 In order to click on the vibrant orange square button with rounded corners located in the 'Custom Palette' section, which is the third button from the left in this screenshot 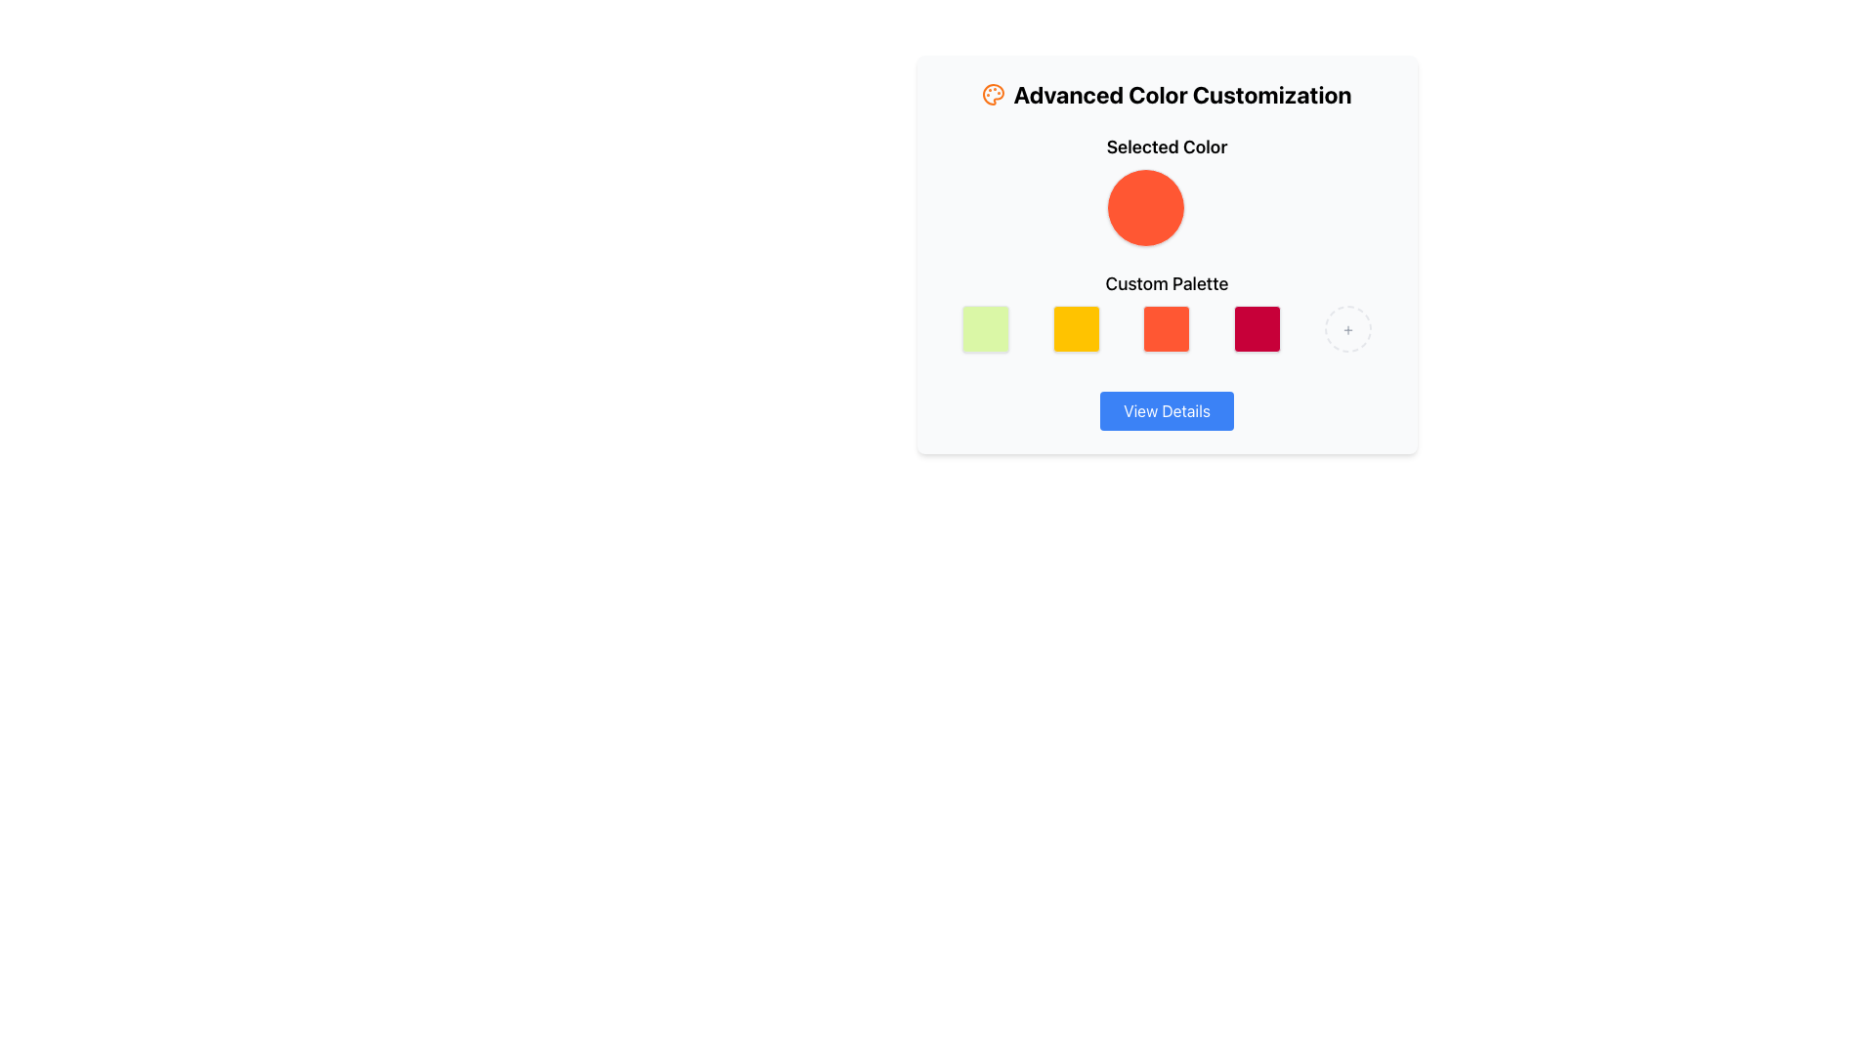, I will do `click(1167, 327)`.